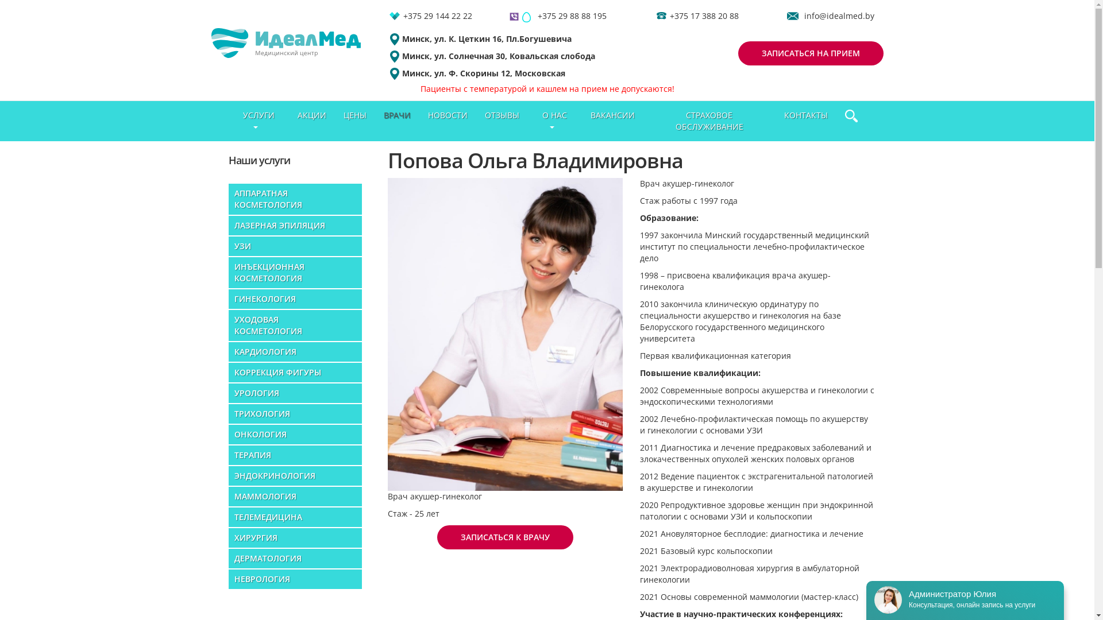 The image size is (1103, 620). What do you see at coordinates (513, 15) in the screenshot?
I see `'Viber'` at bounding box center [513, 15].